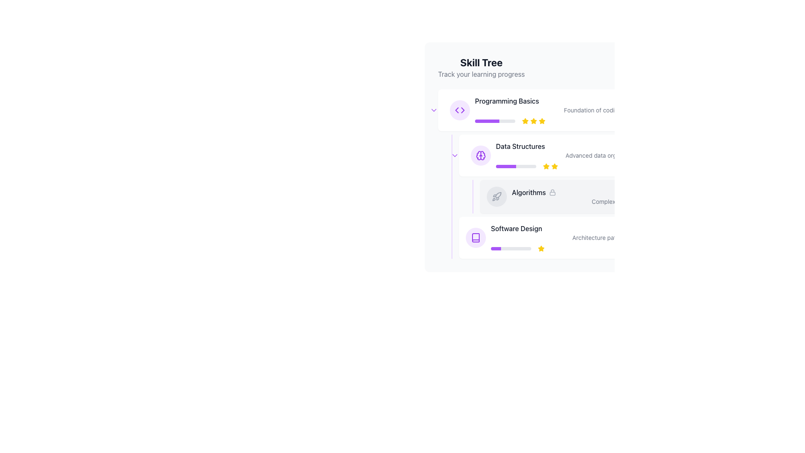  What do you see at coordinates (600, 248) in the screenshot?
I see `the progress bar with an achievement indicator located at the bottom section of the 'Software Design' module, beneath the texts 'Software Design' and 'Architecture patterns' to interpret progress` at bounding box center [600, 248].